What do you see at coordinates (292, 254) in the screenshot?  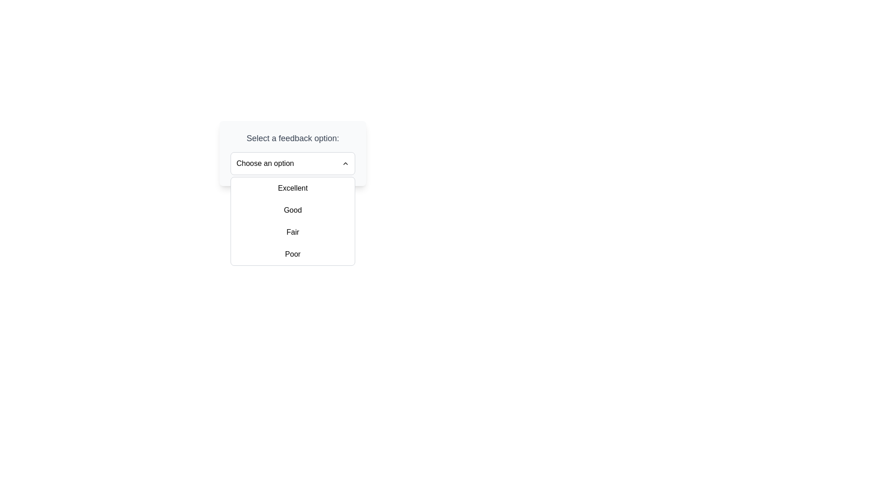 I see `the text label displaying 'Poor' in the dropdown menu` at bounding box center [292, 254].